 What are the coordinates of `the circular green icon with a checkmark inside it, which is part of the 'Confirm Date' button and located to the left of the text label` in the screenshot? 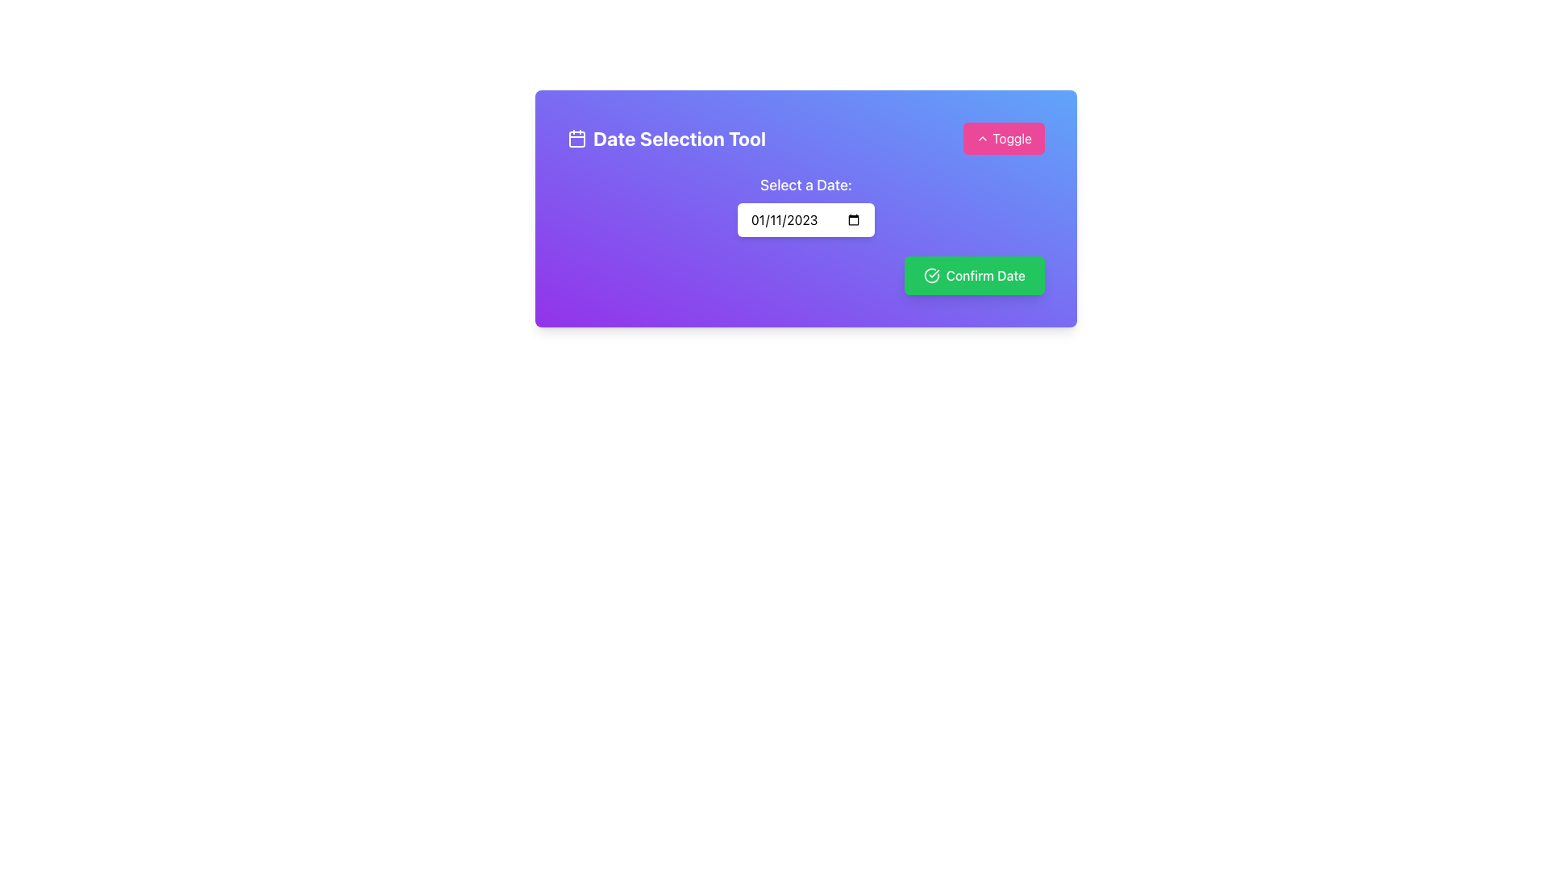 It's located at (931, 275).